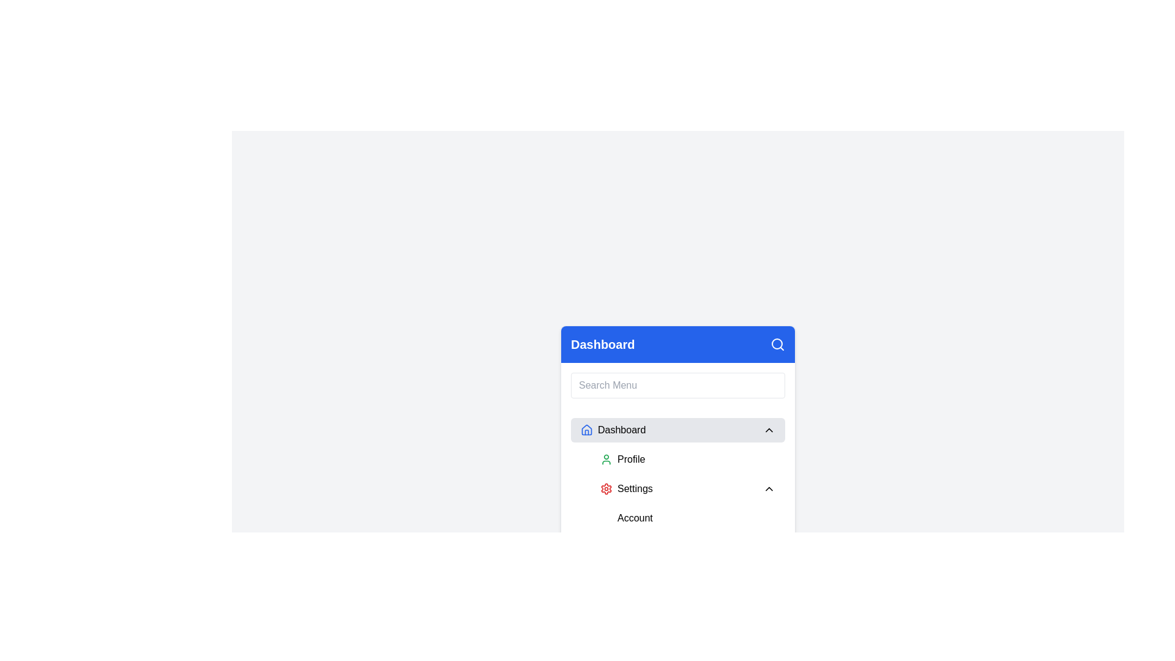 This screenshot has height=661, width=1175. Describe the element at coordinates (635, 518) in the screenshot. I see `the 'Account' menu item, which is a text label styled as a menu item with black font and rounded corners, located within the dropdown section under 'Settings'` at that location.